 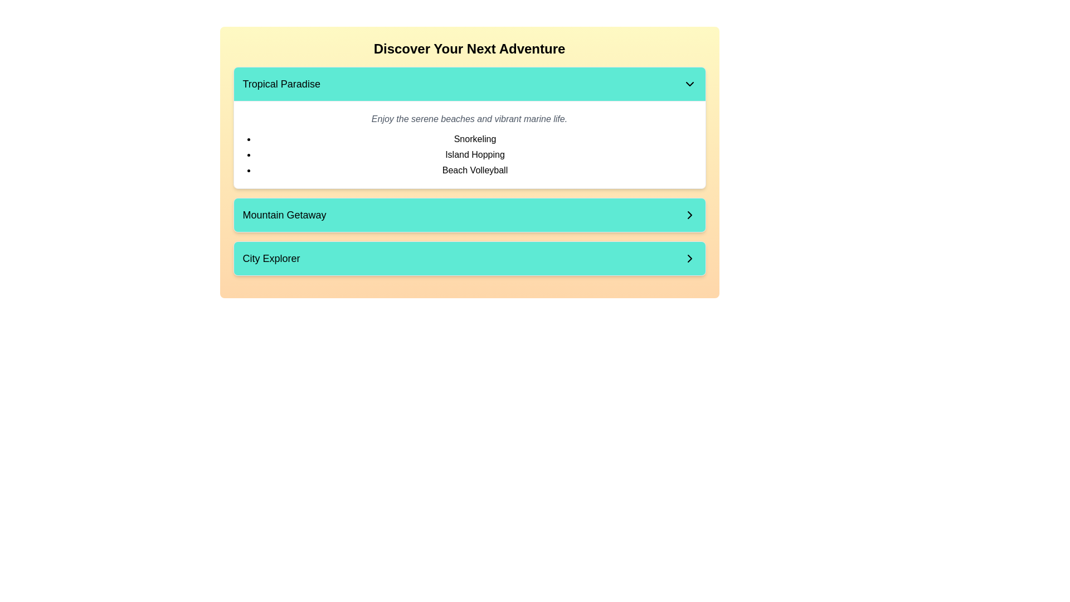 I want to click on text item that describes an activity option under the 'Tropical Paradise' section, which is the first in a vertically stacked list, so click(x=475, y=139).